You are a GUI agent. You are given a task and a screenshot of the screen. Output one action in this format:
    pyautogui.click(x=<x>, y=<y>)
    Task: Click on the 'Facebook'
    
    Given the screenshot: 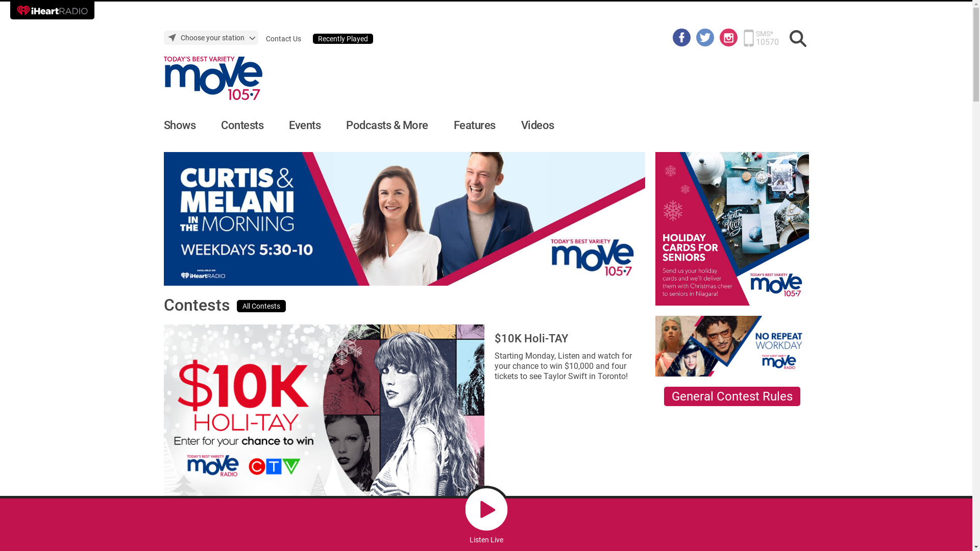 What is the action you would take?
    pyautogui.click(x=673, y=36)
    